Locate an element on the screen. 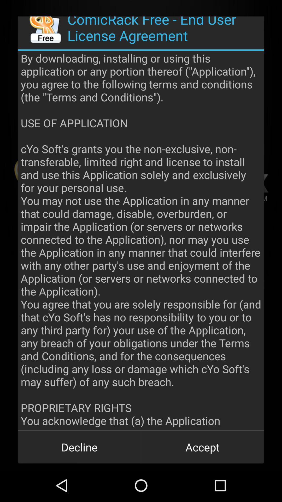  by downloading installing app is located at coordinates (141, 240).